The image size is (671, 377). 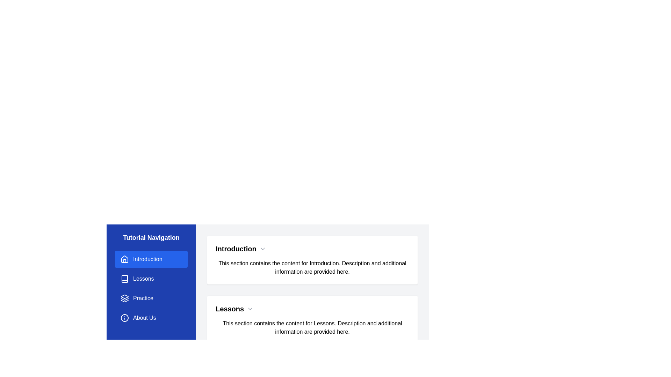 I want to click on the text in the text block providing a description for the 'Lessons' section, which is located below the heading 'Lessons' and the arrow icon, so click(x=312, y=327).